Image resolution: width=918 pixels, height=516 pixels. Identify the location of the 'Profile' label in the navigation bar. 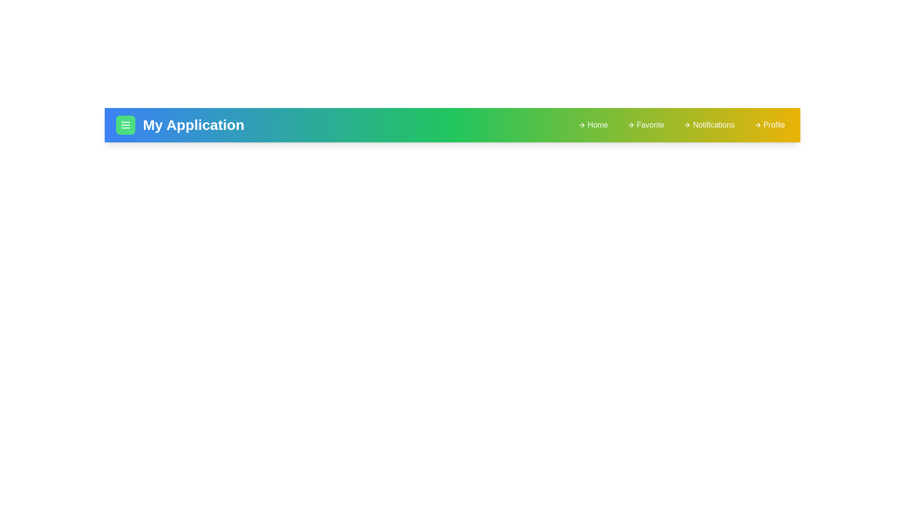
(769, 125).